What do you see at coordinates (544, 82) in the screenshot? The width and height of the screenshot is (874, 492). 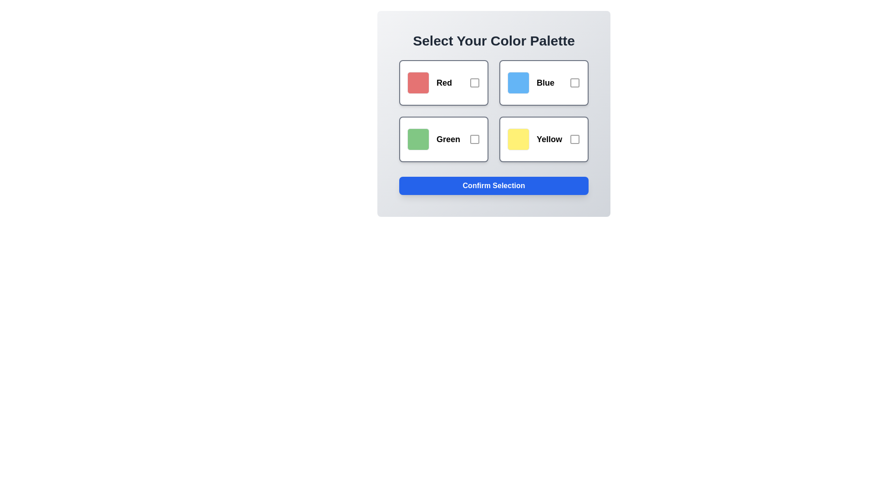 I see `the color box for Blue` at bounding box center [544, 82].